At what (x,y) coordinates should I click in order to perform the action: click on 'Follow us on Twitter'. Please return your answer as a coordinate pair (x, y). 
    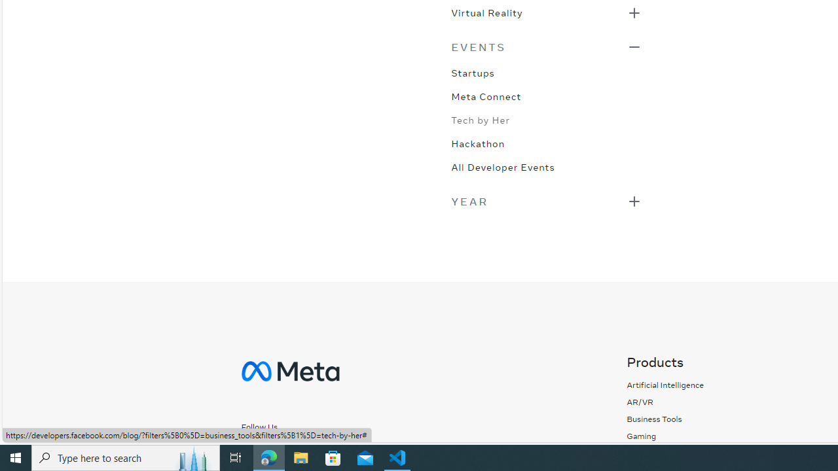
    Looking at the image, I should click on (312, 449).